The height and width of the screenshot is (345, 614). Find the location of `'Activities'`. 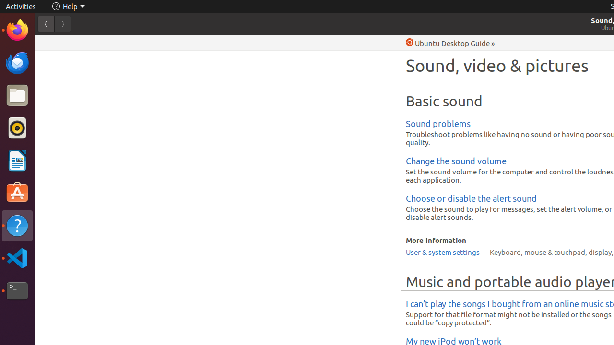

'Activities' is located at coordinates (21, 6).